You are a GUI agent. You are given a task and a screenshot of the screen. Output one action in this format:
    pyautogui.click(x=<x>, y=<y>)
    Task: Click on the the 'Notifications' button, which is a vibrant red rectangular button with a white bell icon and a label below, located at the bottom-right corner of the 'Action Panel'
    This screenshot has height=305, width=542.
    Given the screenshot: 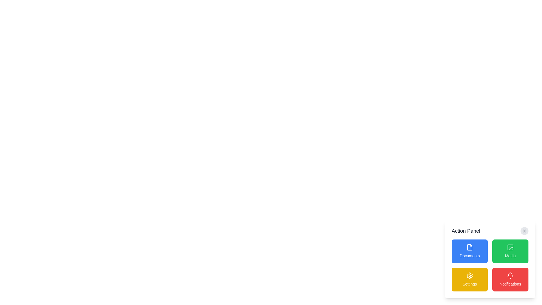 What is the action you would take?
    pyautogui.click(x=510, y=280)
    